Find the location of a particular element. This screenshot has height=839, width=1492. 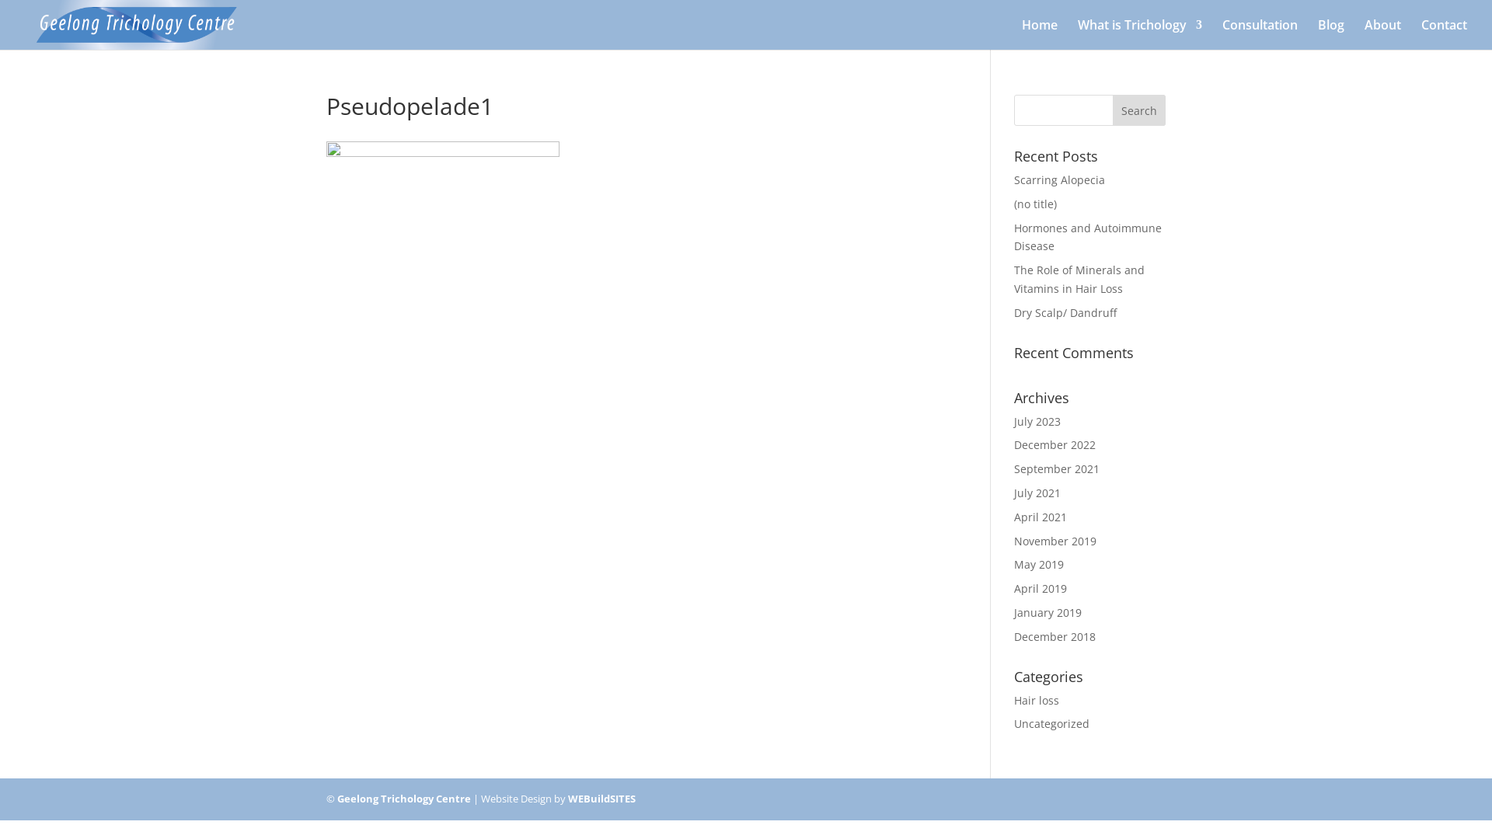

'December 2022' is located at coordinates (1055, 444).